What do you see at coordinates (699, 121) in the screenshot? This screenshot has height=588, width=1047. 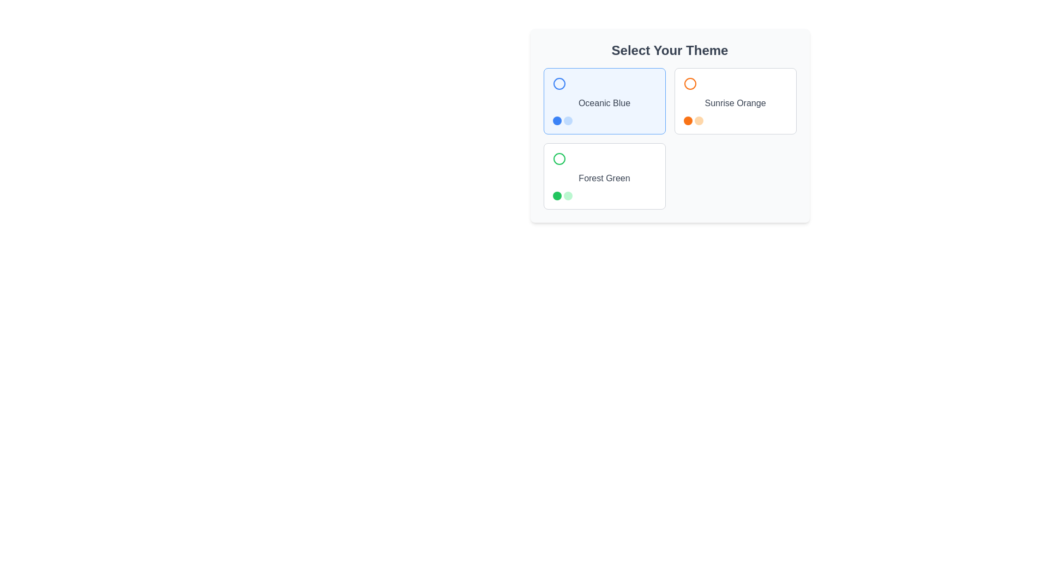 I see `the second circular dot below the 'Sunrise Orange' theme option, which serves as a visual indicator or decorative element` at bounding box center [699, 121].